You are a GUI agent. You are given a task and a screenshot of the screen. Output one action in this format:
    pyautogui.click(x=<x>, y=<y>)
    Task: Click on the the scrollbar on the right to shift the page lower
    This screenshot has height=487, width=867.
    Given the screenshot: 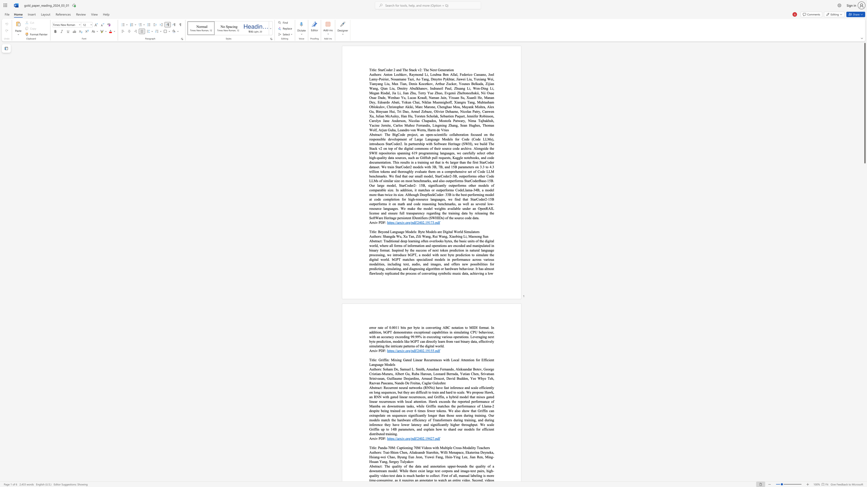 What is the action you would take?
    pyautogui.click(x=864, y=334)
    